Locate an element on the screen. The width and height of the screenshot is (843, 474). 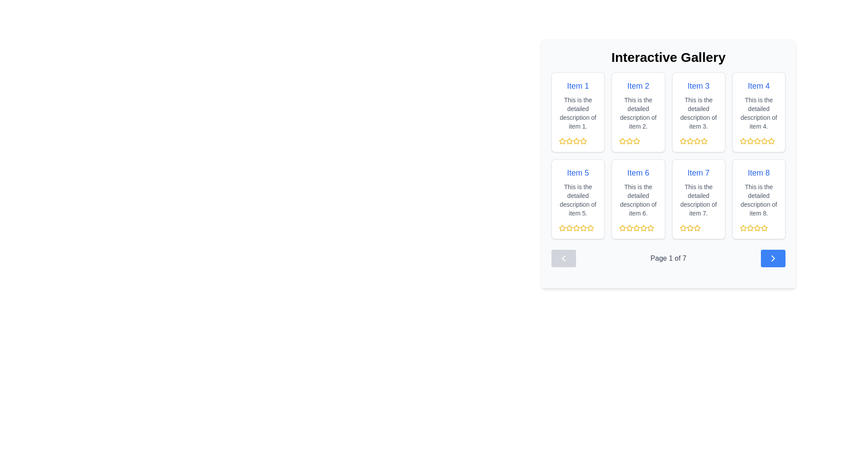
the fifth star rating icon for 'Item 5' to set a 5-star rating is located at coordinates (590, 228).